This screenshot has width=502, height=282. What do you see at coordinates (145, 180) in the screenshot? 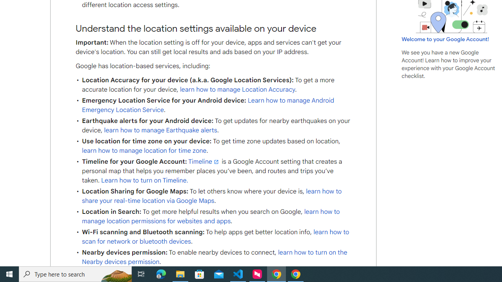
I see `'Learn how to turn on Timeline.'` at bounding box center [145, 180].